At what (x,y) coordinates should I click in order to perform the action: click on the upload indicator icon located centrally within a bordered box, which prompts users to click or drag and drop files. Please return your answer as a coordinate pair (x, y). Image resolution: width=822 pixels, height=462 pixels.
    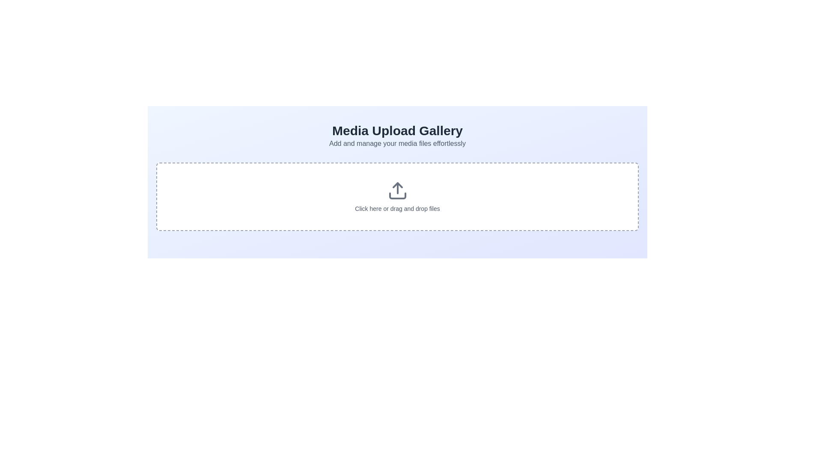
    Looking at the image, I should click on (397, 190).